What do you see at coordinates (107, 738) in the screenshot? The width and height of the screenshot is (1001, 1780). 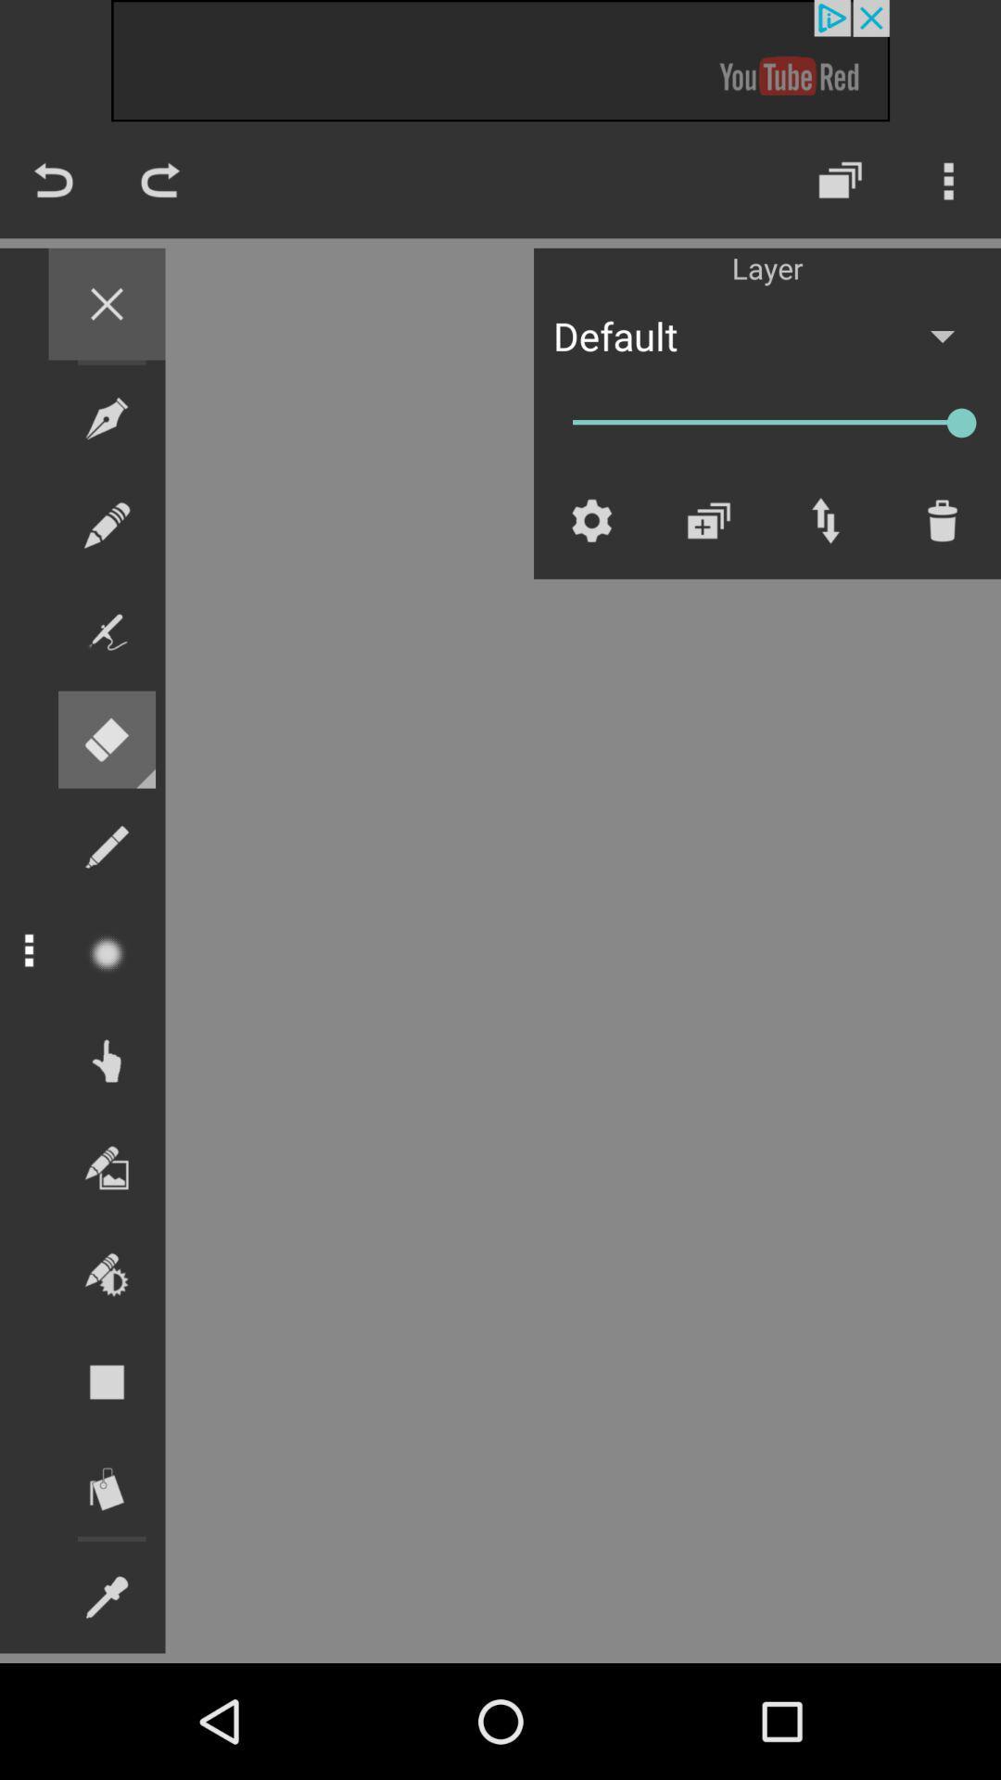 I see `the delete icon` at bounding box center [107, 738].